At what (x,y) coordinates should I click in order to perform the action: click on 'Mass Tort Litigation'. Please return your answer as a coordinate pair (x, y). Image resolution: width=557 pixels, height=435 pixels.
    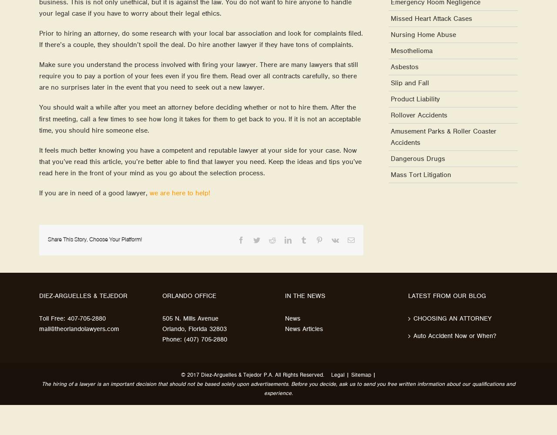
    Looking at the image, I should click on (390, 175).